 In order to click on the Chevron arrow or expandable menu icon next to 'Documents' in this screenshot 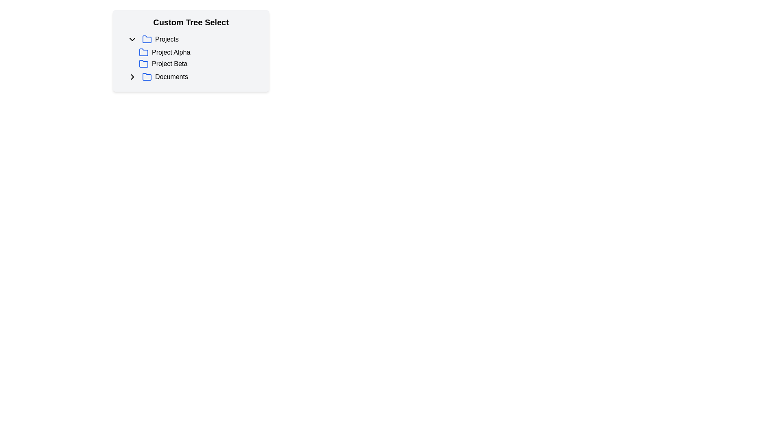, I will do `click(132, 77)`.